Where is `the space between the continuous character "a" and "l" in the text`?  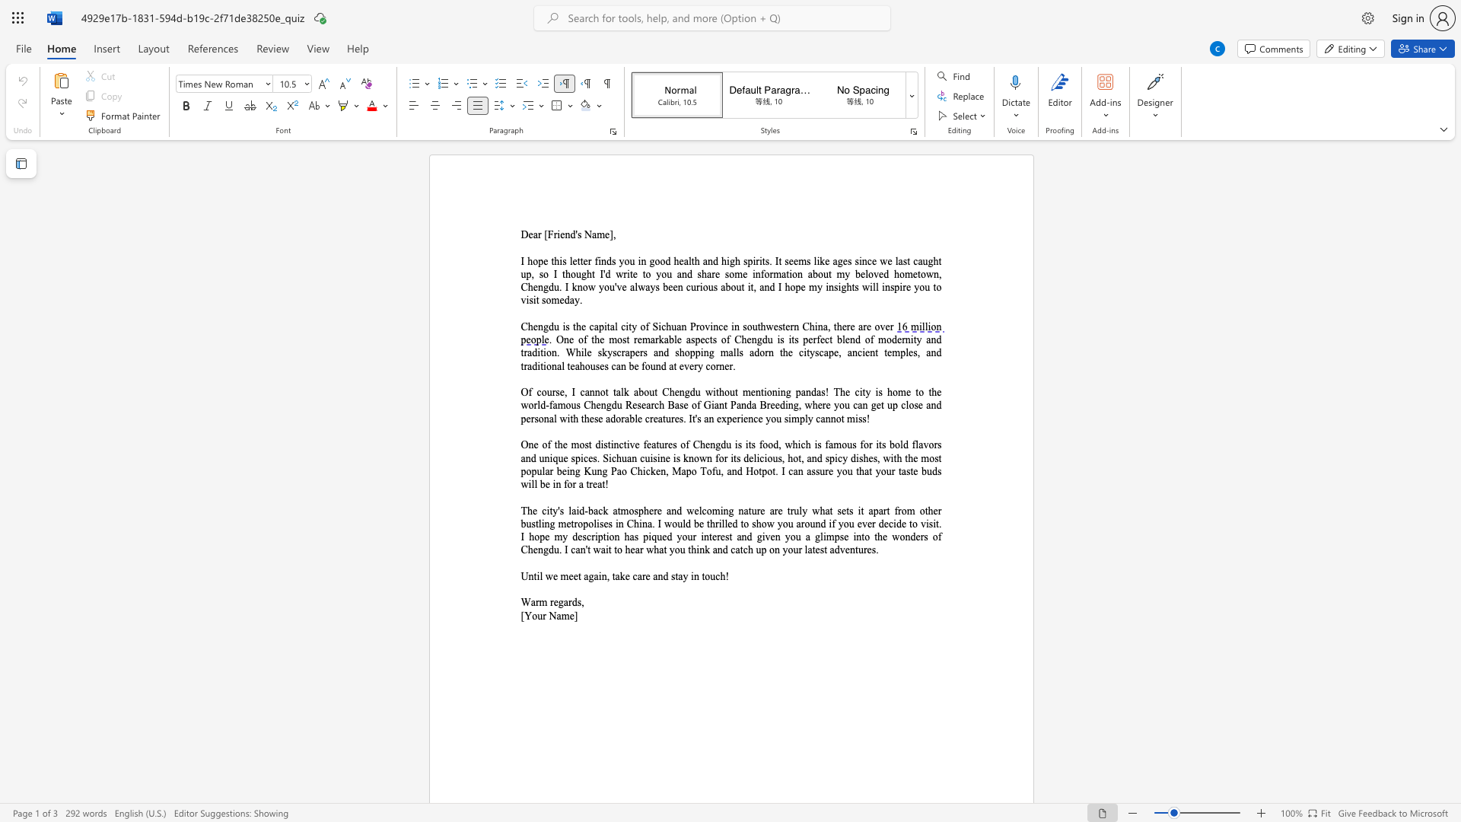
the space between the continuous character "a" and "l" in the text is located at coordinates (687, 260).